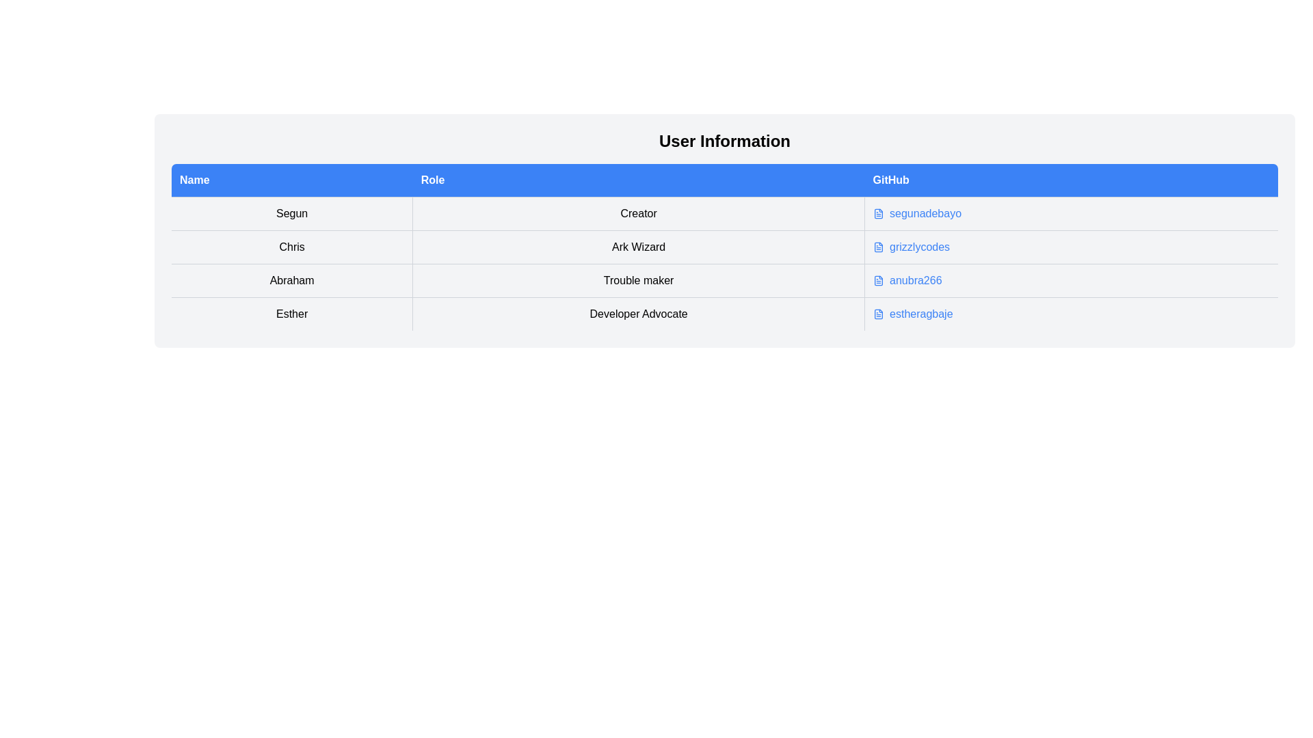  Describe the element at coordinates (879, 247) in the screenshot. I see `the document icon in the second column of the table row for the user 'Chris', which represents the 'GitHub' data field` at that location.